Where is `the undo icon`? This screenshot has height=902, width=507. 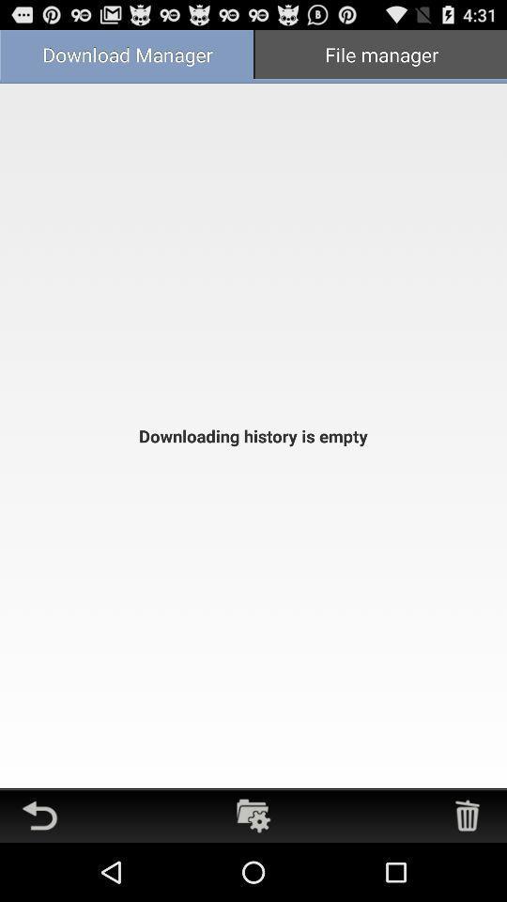 the undo icon is located at coordinates (39, 873).